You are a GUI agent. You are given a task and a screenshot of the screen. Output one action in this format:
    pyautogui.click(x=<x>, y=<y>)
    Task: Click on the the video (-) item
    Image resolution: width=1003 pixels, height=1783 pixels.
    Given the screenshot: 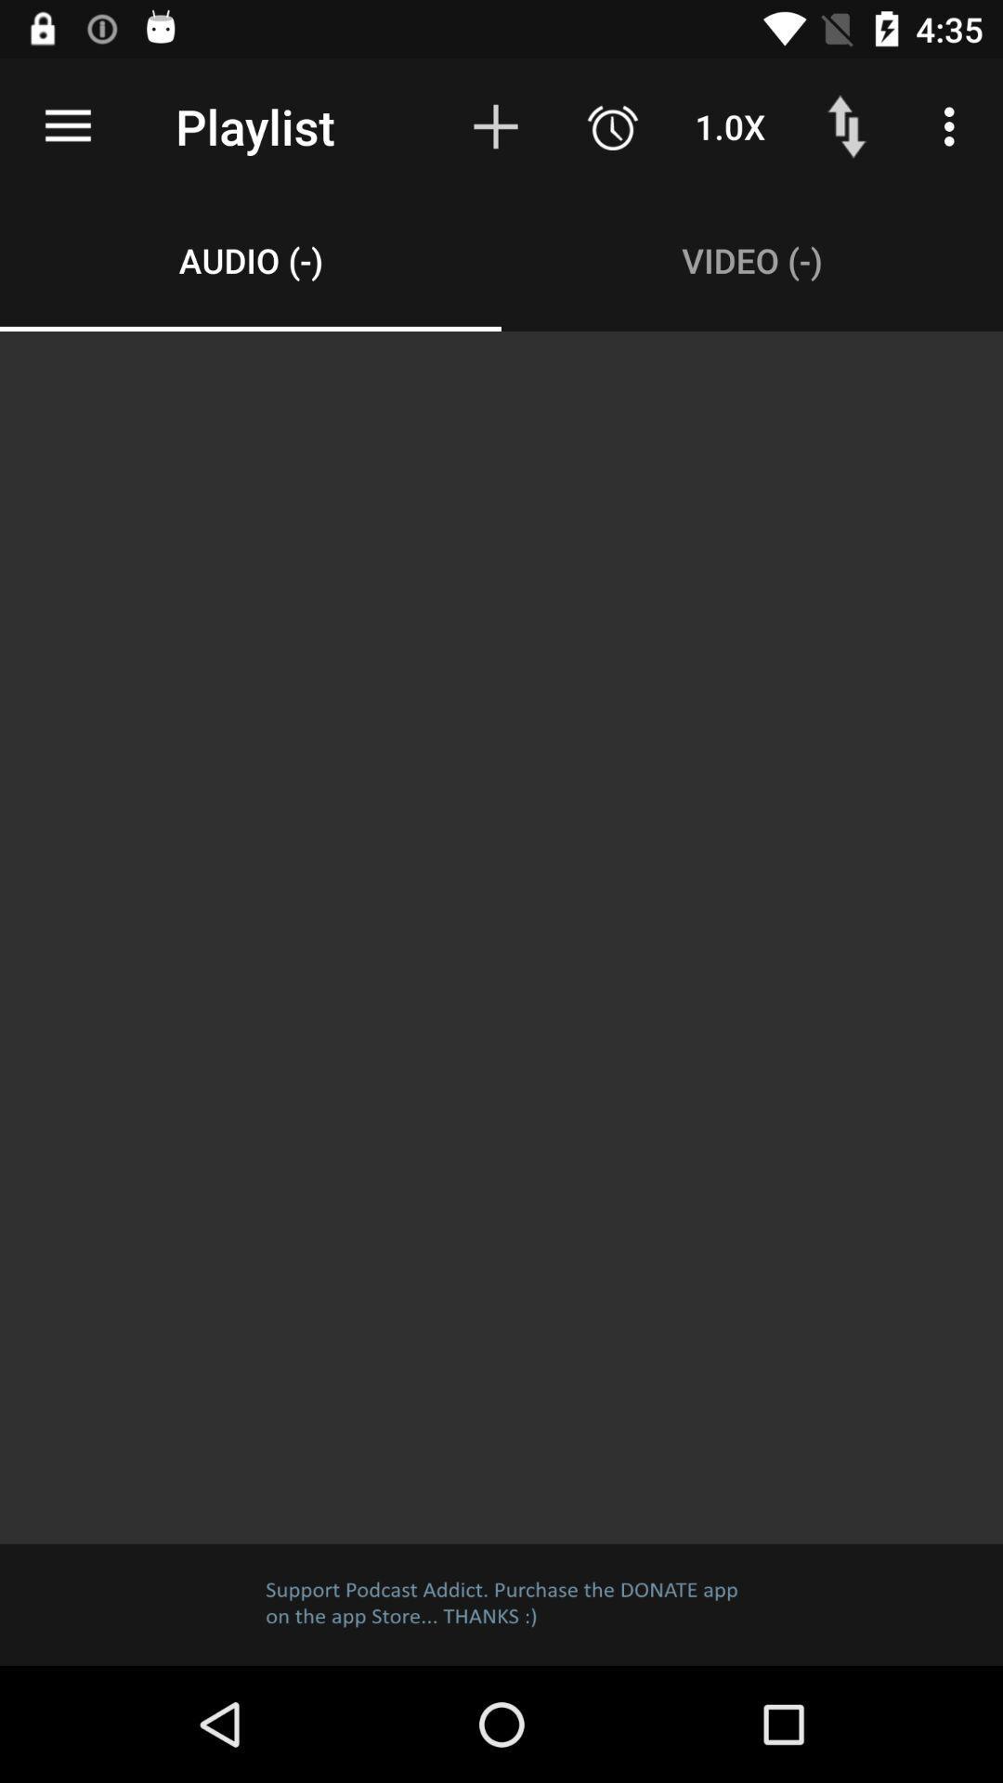 What is the action you would take?
    pyautogui.click(x=752, y=259)
    